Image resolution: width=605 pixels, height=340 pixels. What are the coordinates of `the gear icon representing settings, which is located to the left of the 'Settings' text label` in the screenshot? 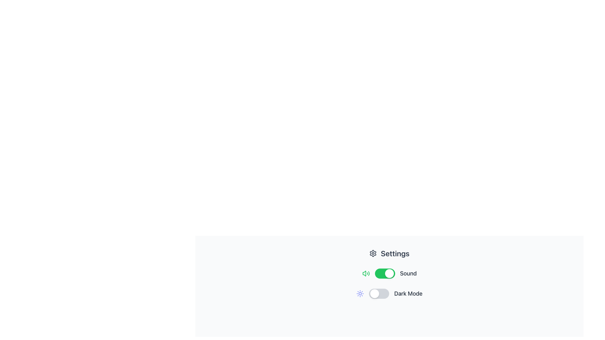 It's located at (373, 253).